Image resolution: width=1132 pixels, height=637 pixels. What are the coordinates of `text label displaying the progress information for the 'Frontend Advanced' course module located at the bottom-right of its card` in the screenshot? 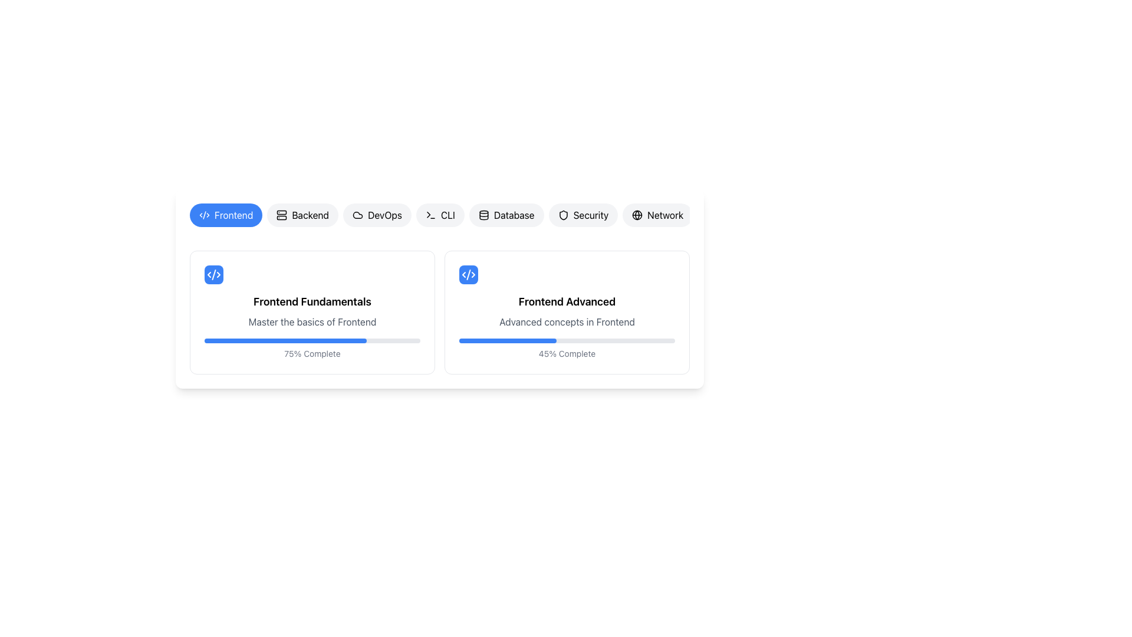 It's located at (567, 353).